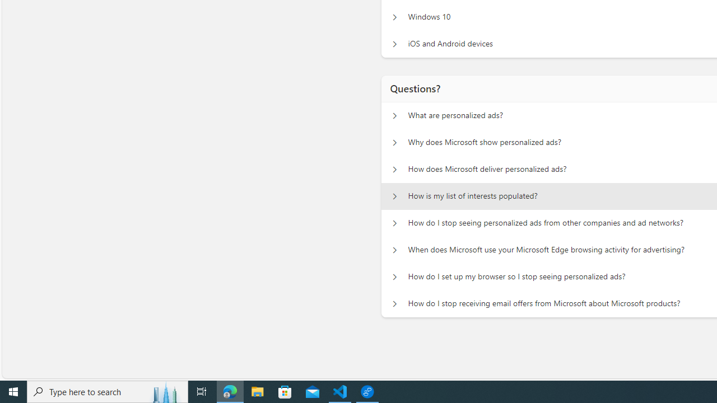 This screenshot has height=403, width=717. I want to click on 'Questions? What are personalized ads?', so click(394, 115).